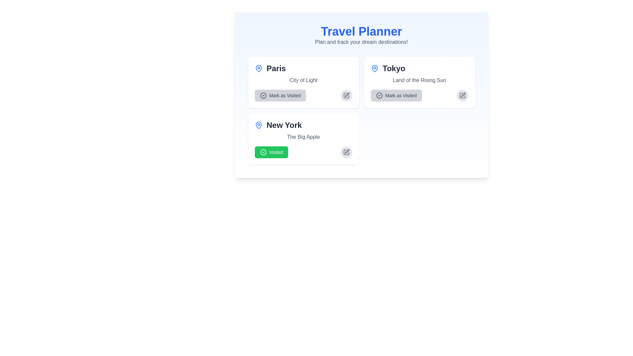  What do you see at coordinates (303, 137) in the screenshot?
I see `the static text element displaying 'The Big Apple' which is located below the header 'New York' and above the status button 'Visited' in the New York City card` at bounding box center [303, 137].